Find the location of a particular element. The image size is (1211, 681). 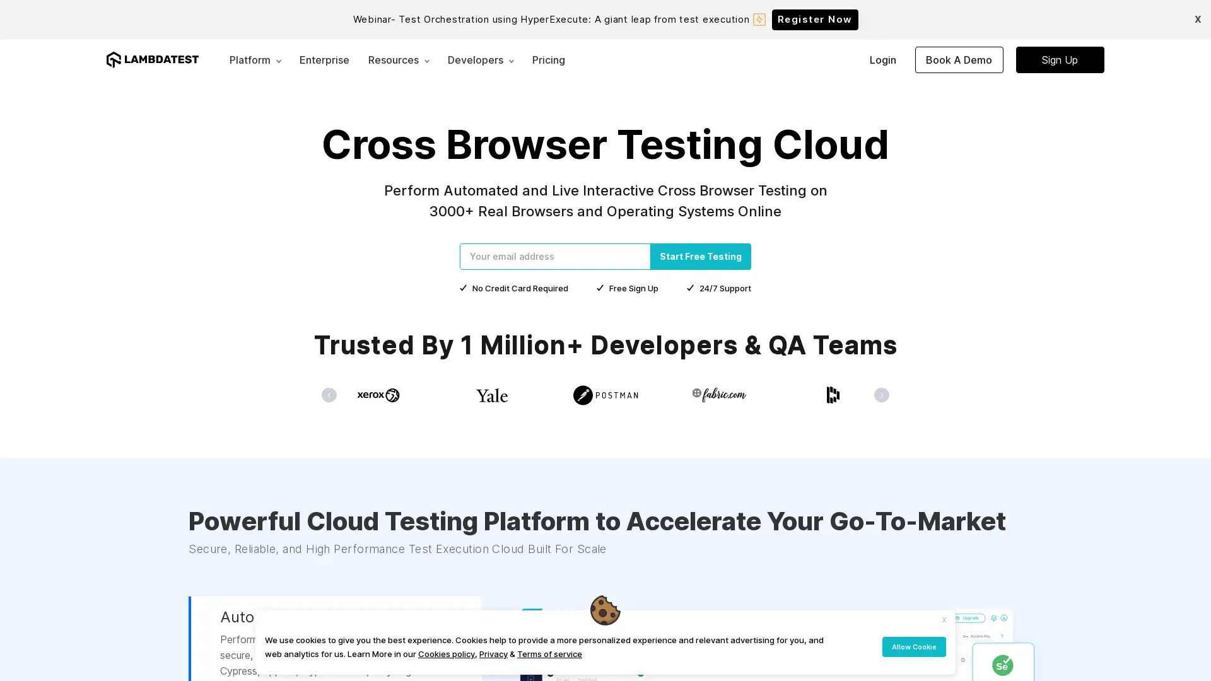

Automated Testing is located at coordinates (287, 644).